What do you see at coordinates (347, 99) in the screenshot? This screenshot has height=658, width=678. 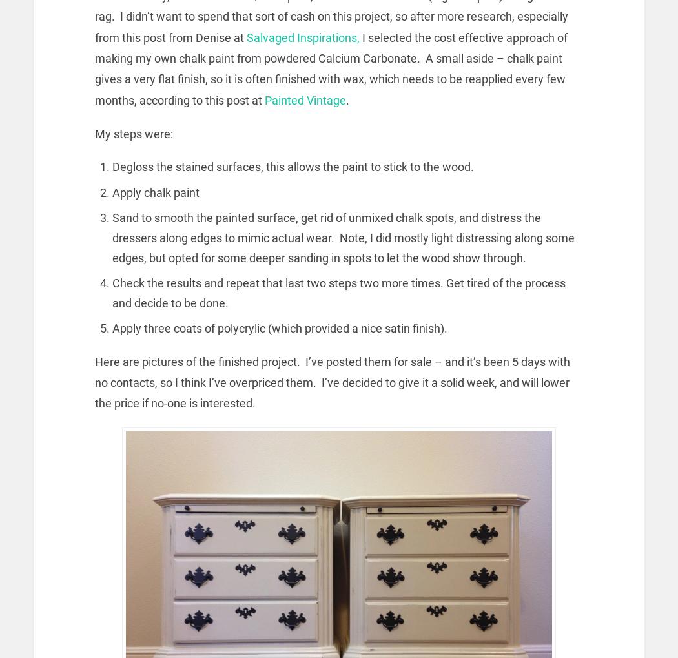 I see `'.'` at bounding box center [347, 99].